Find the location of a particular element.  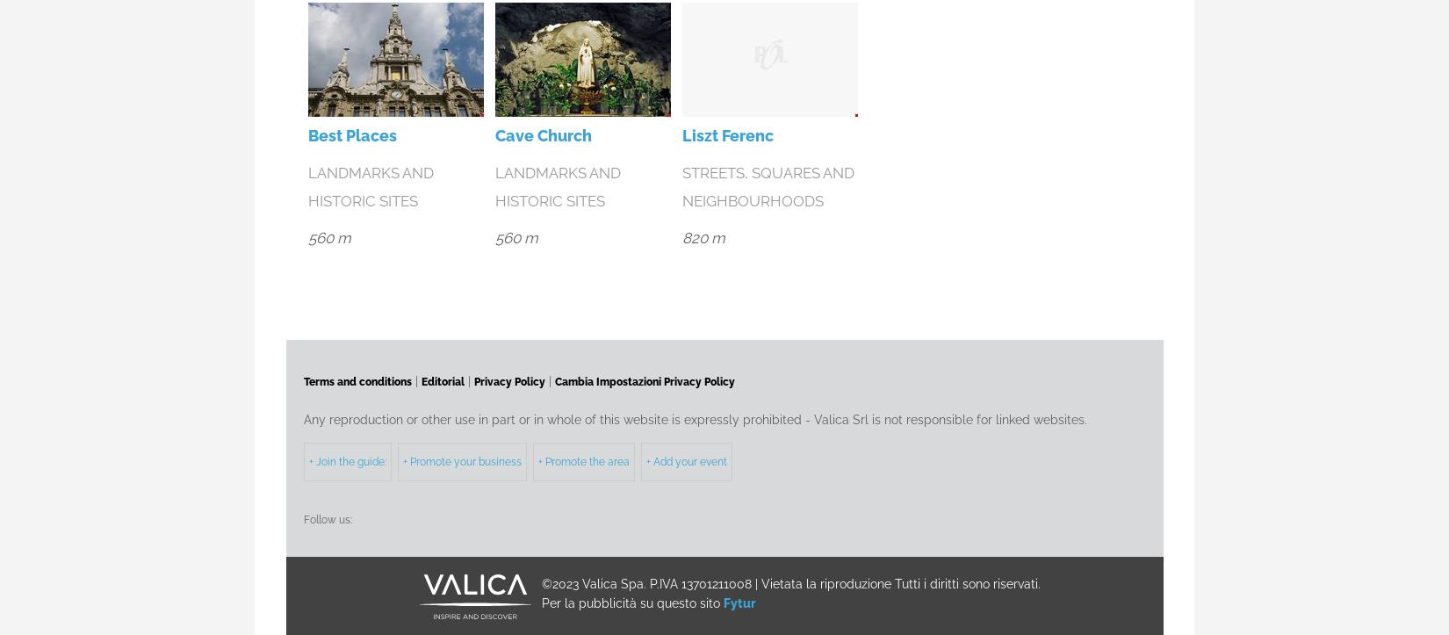

'Terms and conditions' is located at coordinates (303, 382).